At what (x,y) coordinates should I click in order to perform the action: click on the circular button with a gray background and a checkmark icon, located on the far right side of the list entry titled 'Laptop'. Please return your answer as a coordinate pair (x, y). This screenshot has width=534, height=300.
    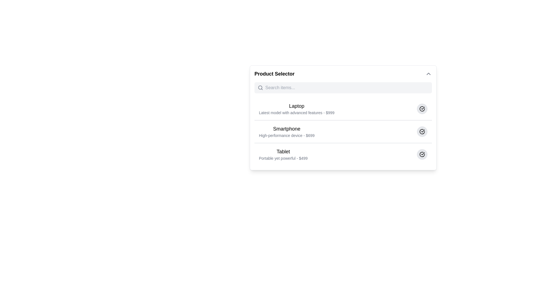
    Looking at the image, I should click on (422, 109).